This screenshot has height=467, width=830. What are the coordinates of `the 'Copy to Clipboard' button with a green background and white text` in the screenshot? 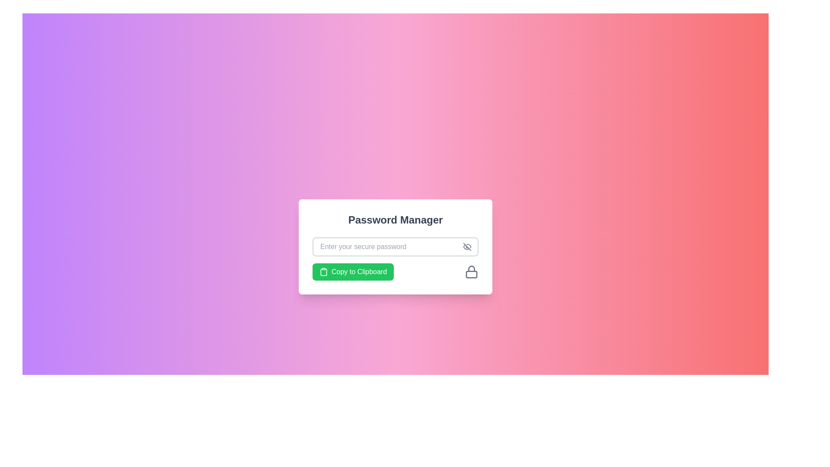 It's located at (353, 271).